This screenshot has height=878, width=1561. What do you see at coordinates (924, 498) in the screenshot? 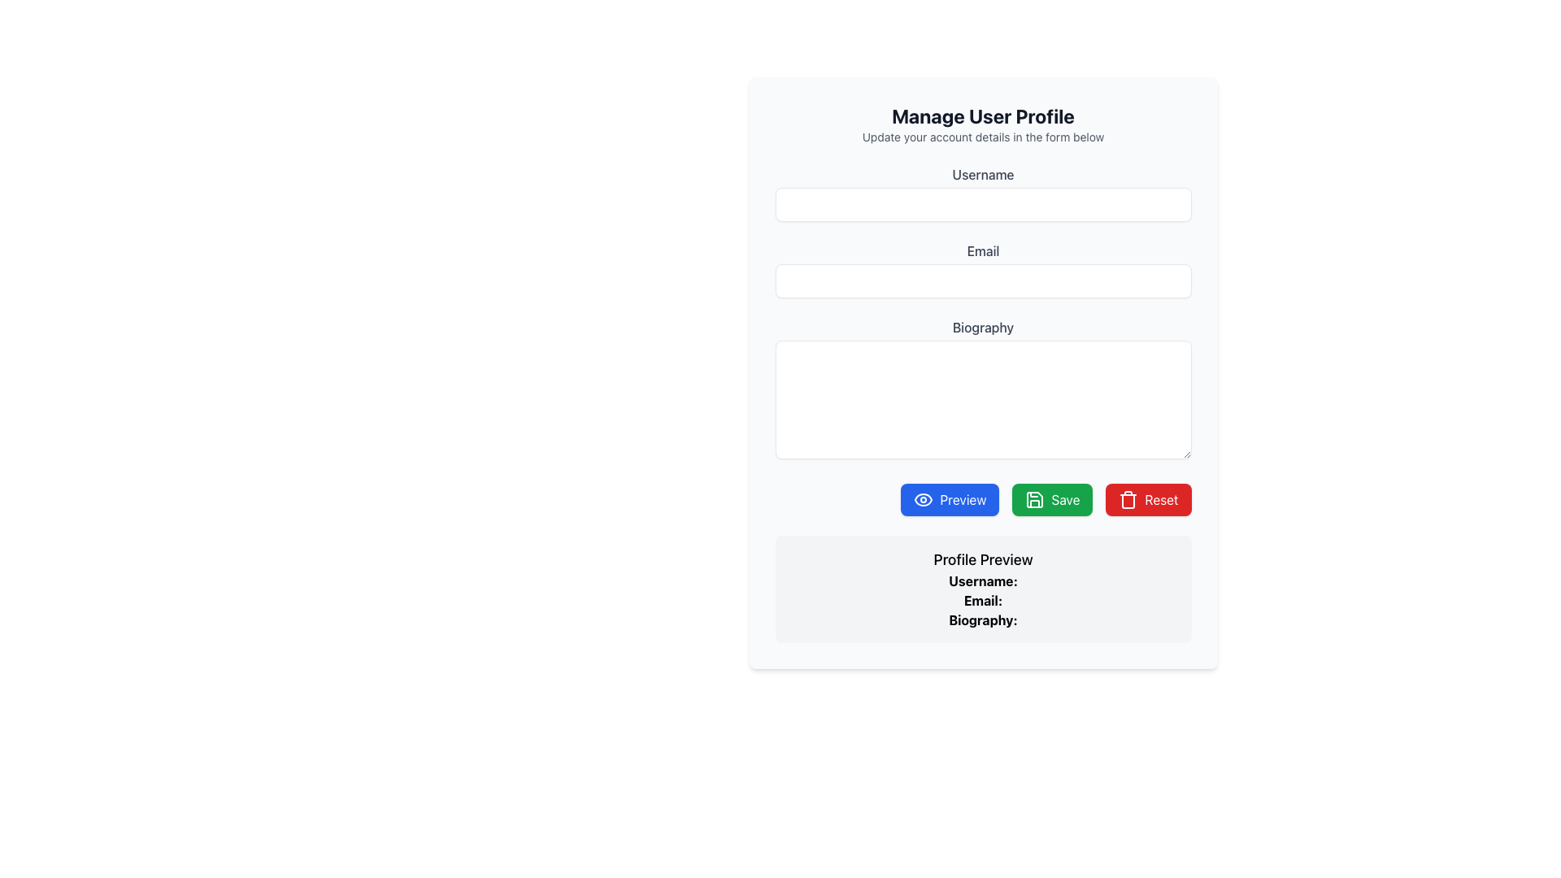
I see `the outlined eye icon, which is part of the dark blue 'Preview' button located on the left side of the button group below the input fields in the 'Manage User Profile' form` at bounding box center [924, 498].